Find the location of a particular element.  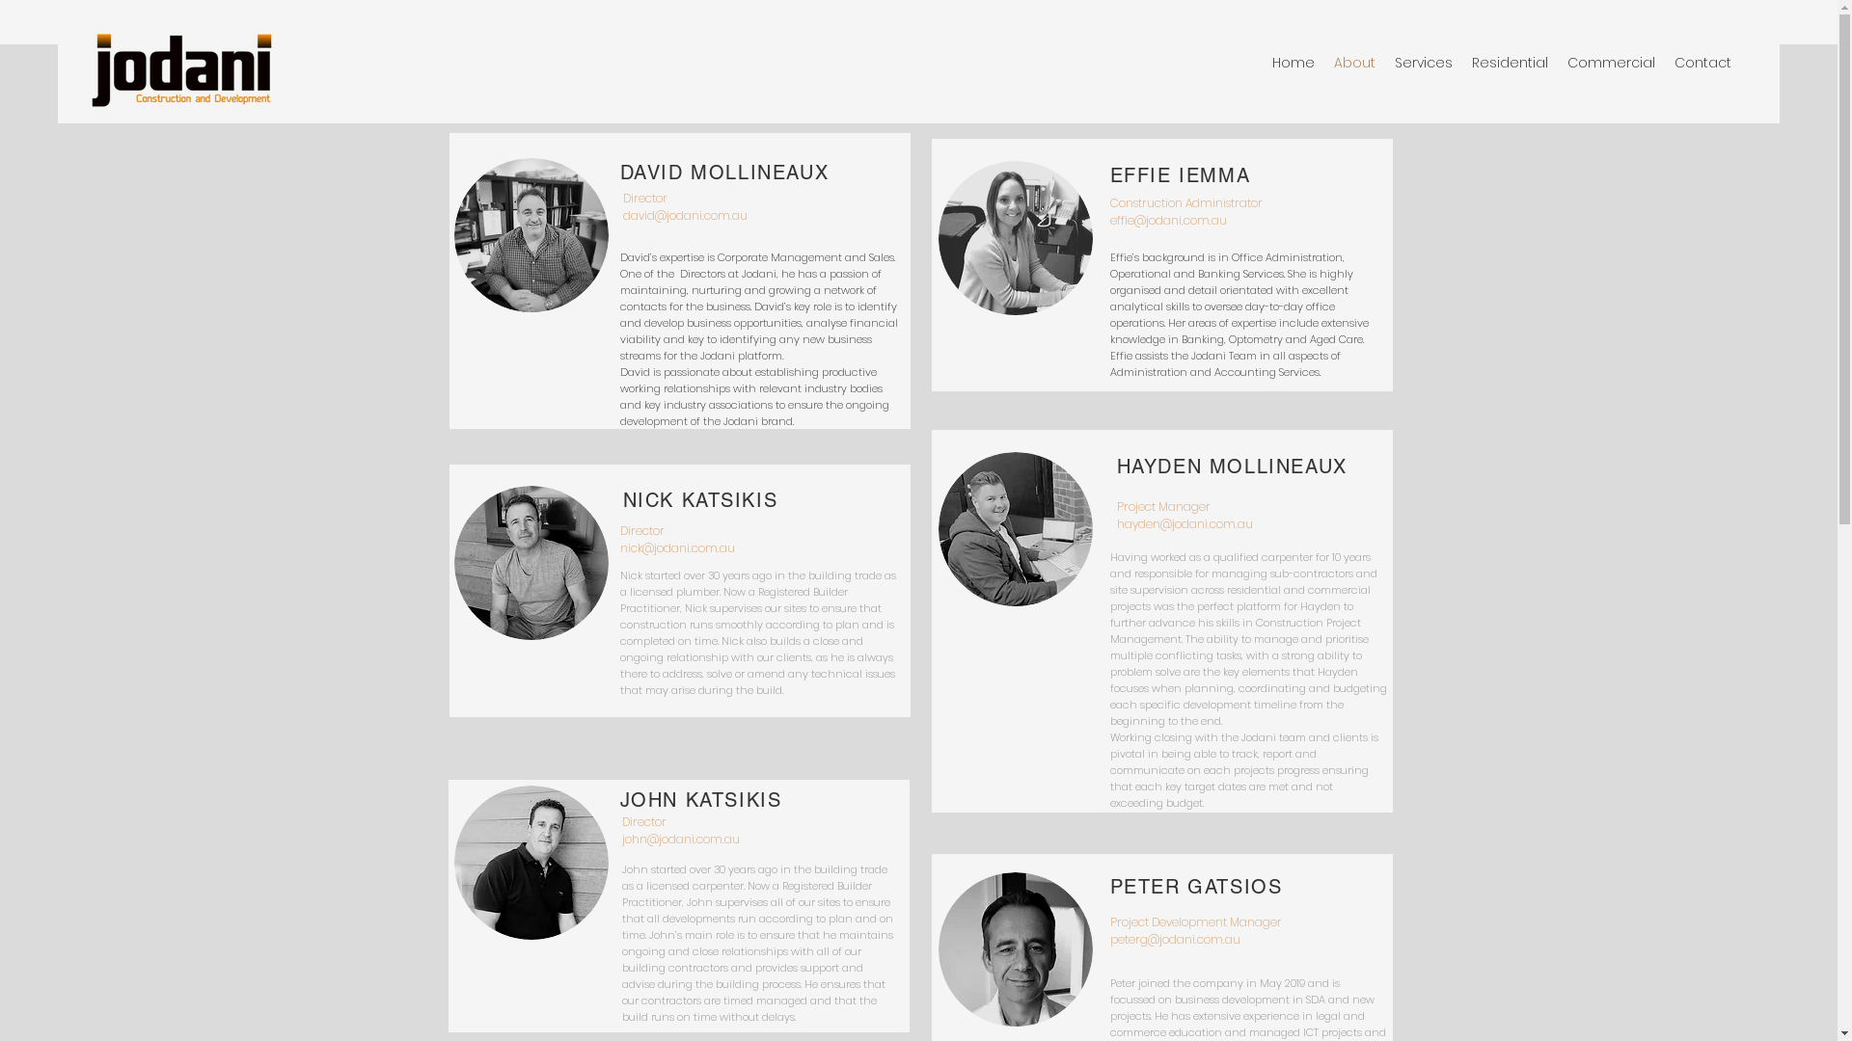

'Commercial' is located at coordinates (1611, 62).